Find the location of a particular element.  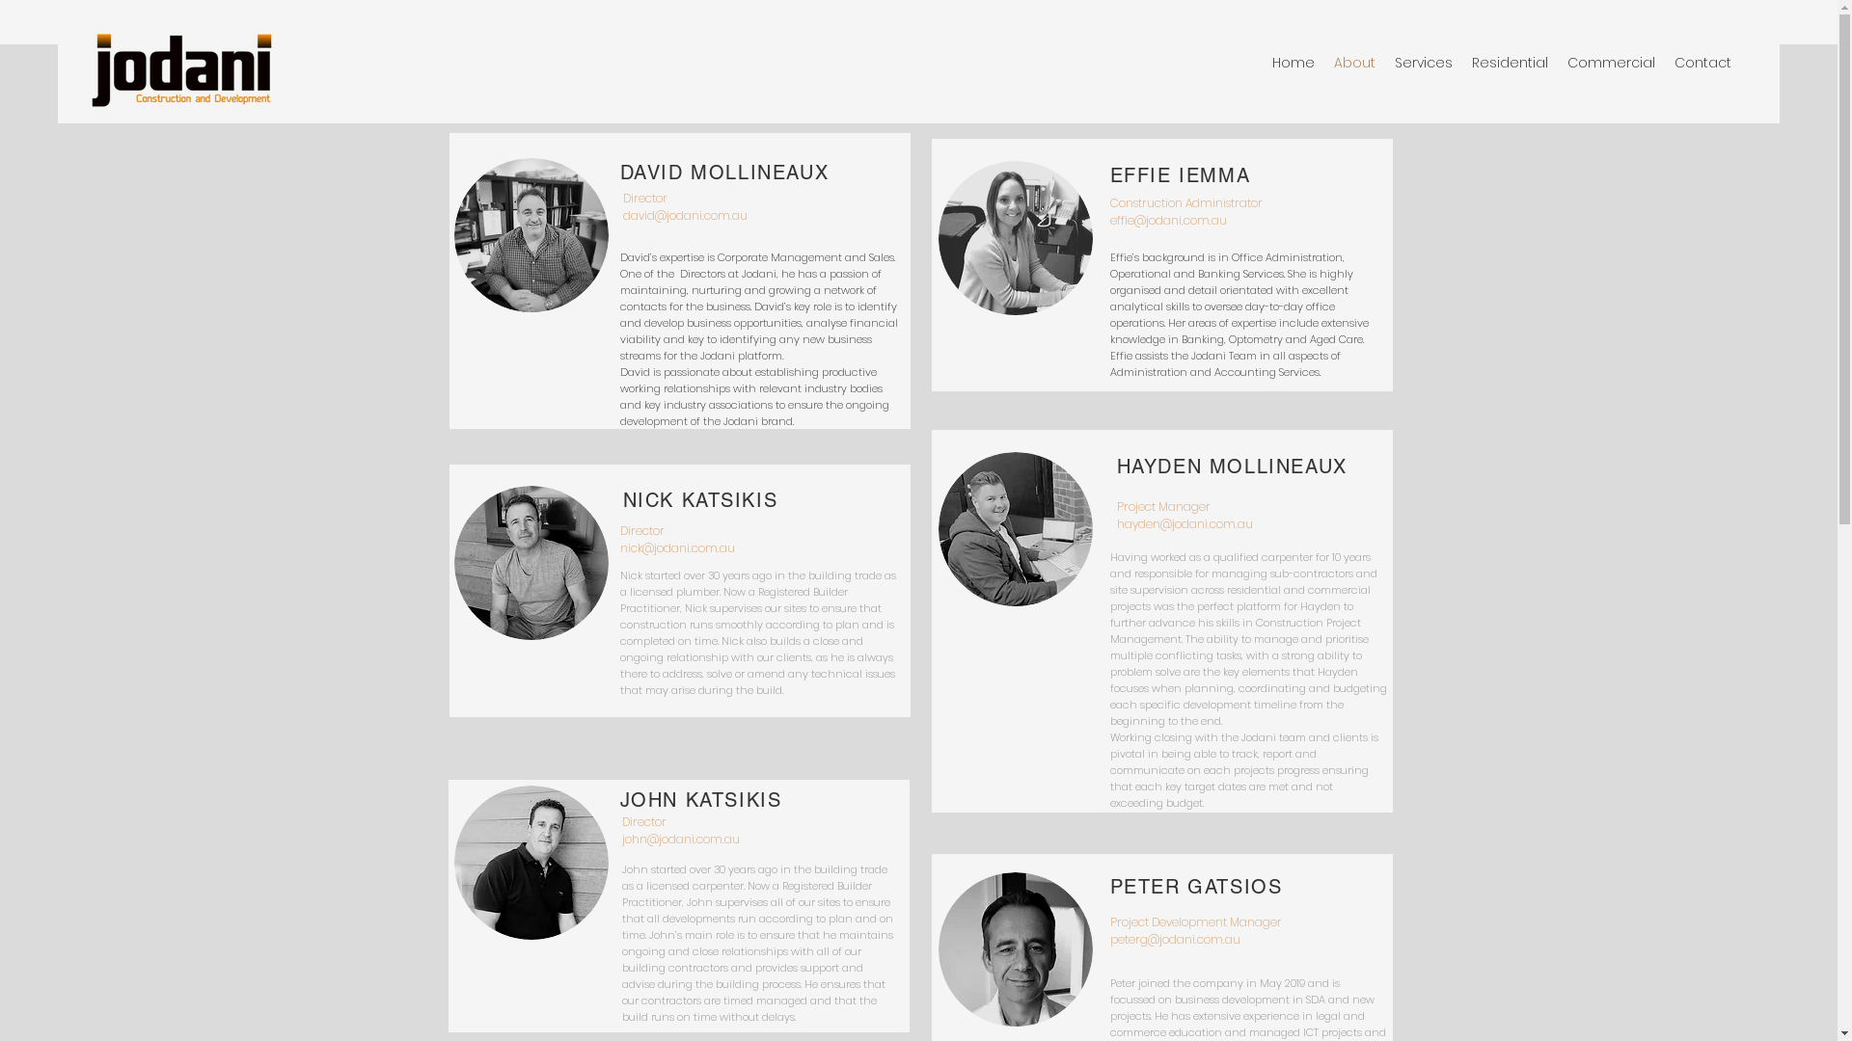

'Commercial' is located at coordinates (1611, 62).